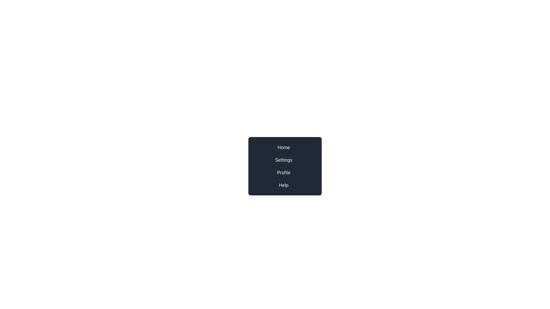 This screenshot has width=550, height=309. Describe the element at coordinates (285, 172) in the screenshot. I see `the navigational button located between 'Settings' and 'Help' in the right-center menu to trigger visual changes` at that location.